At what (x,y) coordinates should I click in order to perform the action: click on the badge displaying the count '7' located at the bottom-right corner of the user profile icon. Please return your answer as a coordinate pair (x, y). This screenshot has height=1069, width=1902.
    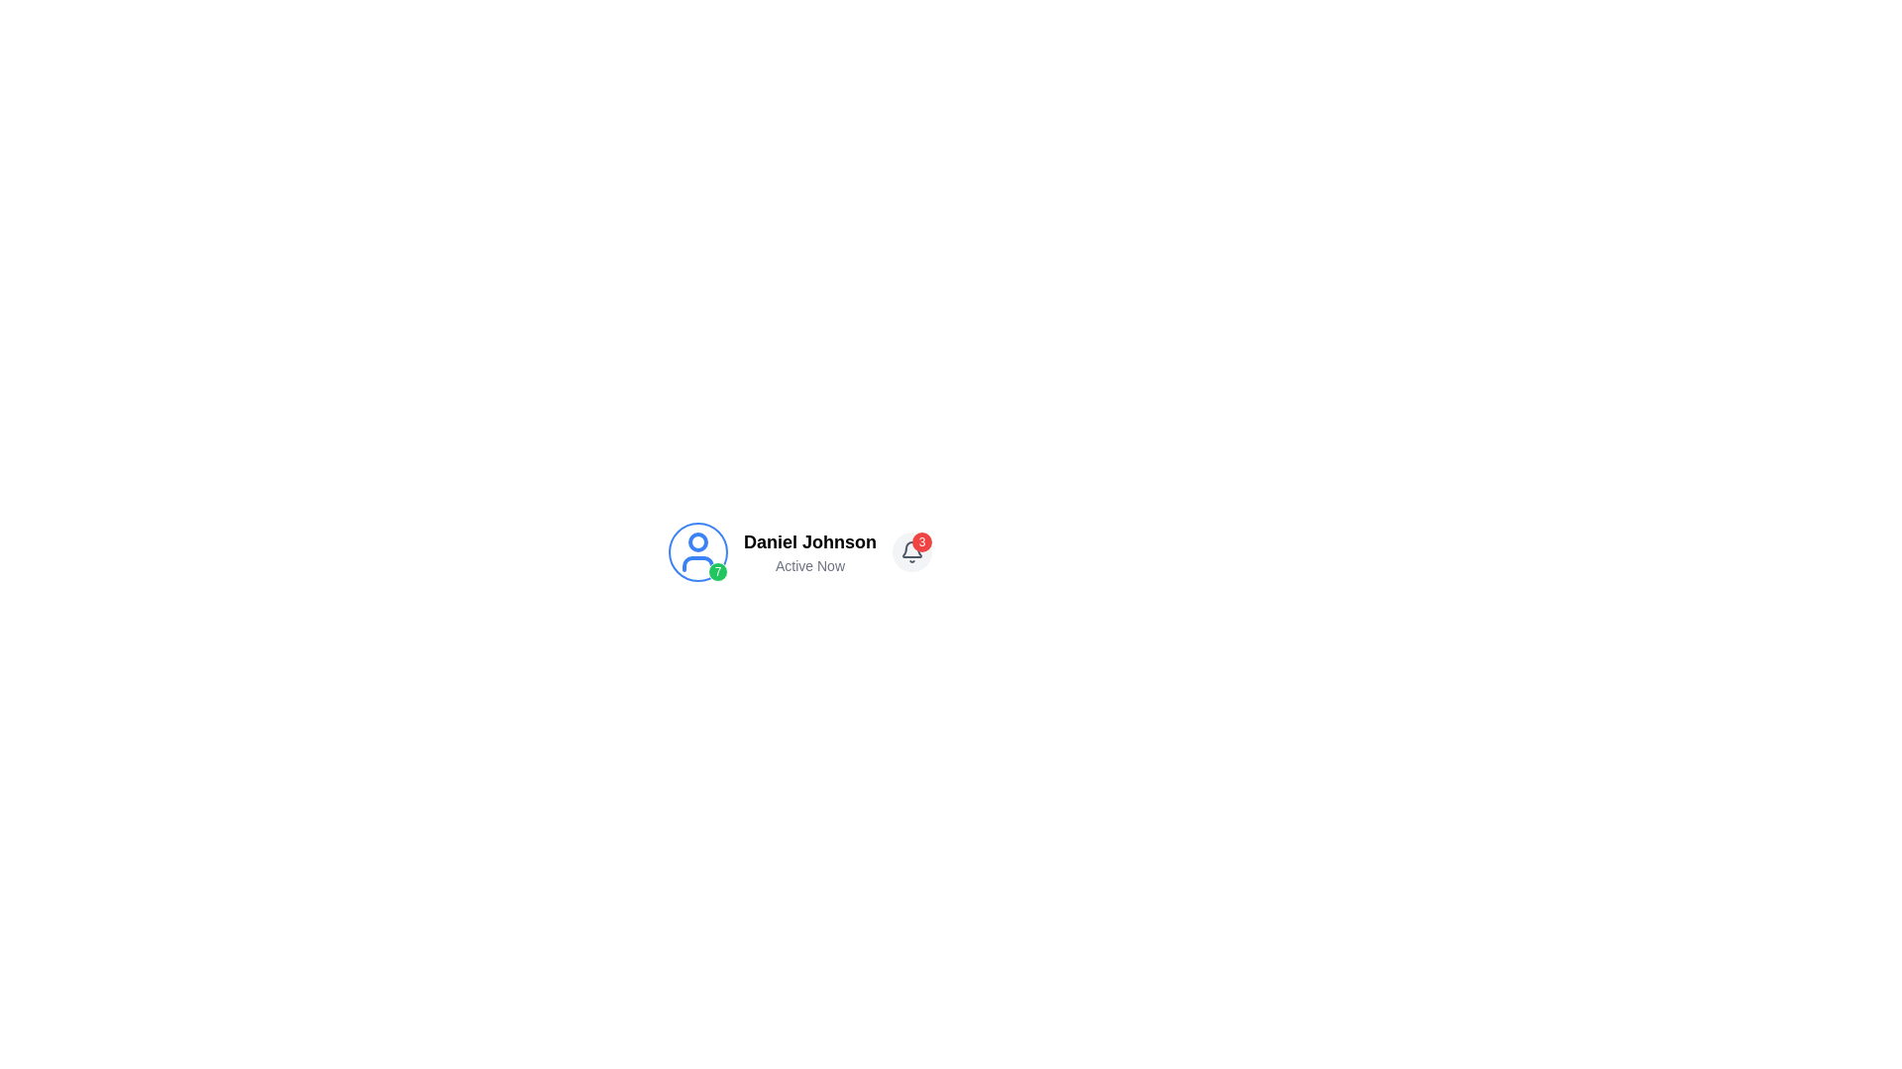
    Looking at the image, I should click on (716, 572).